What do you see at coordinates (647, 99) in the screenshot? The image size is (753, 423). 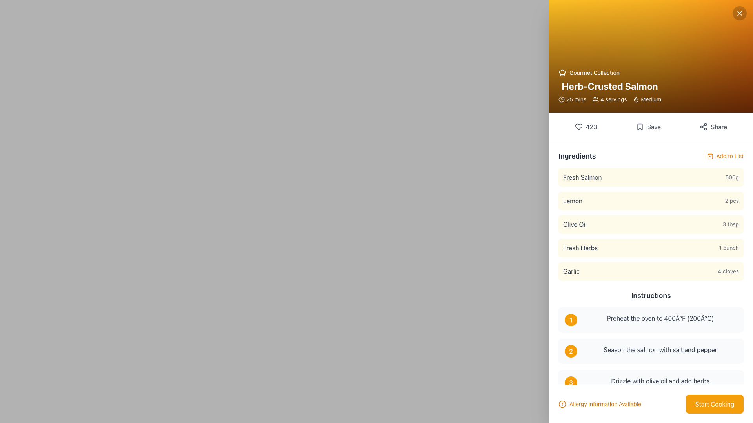 I see `the 'Medium' label, which features a flame icon and white text on a gradient orange background, located to the right of '4 servings'` at bounding box center [647, 99].